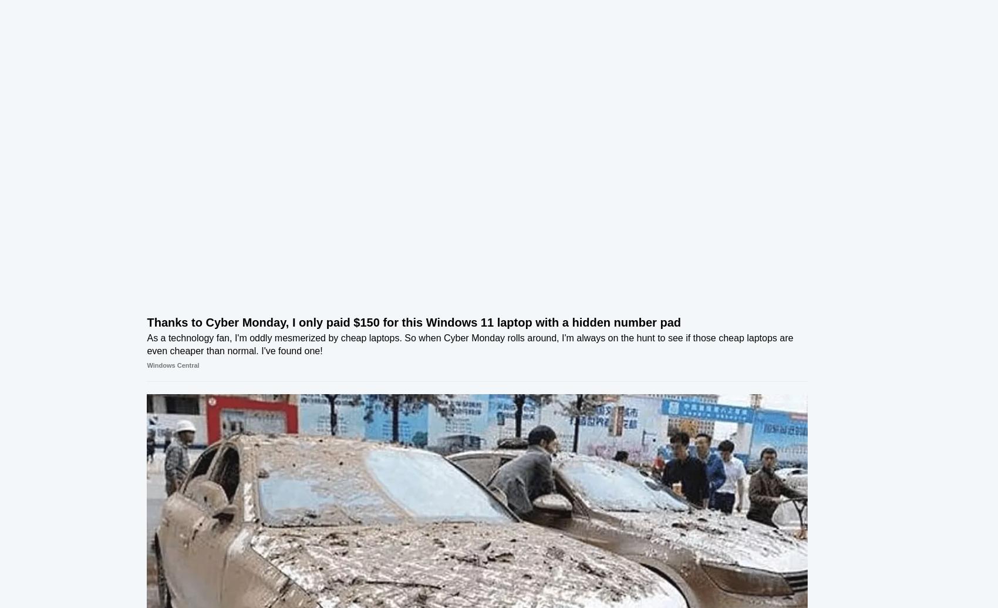 This screenshot has width=998, height=608. I want to click on '321,080', so click(835, 538).